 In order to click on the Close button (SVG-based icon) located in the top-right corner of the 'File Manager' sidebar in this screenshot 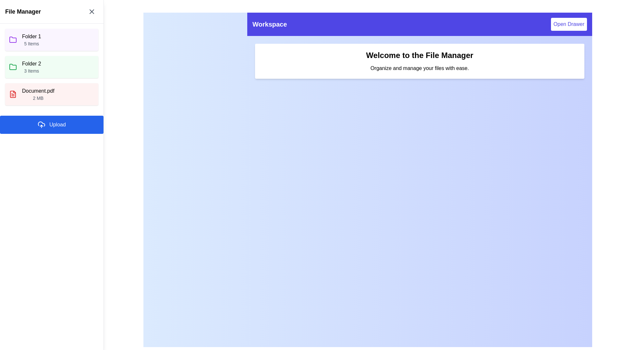, I will do `click(92, 11)`.